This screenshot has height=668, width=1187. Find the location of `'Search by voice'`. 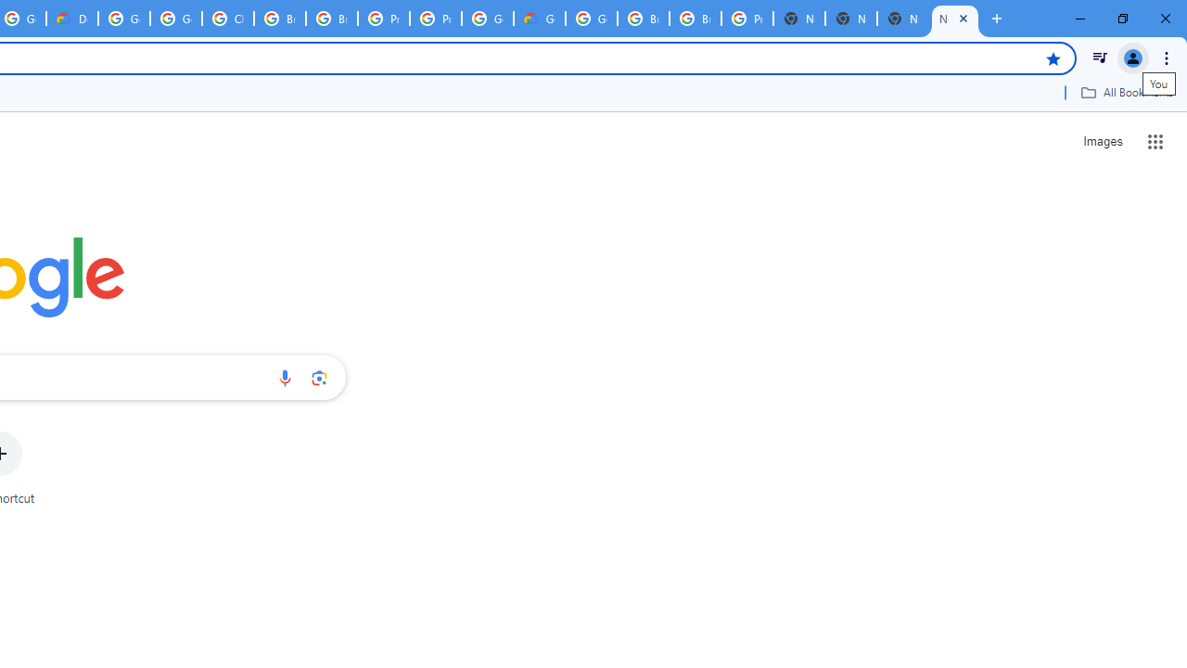

'Search by voice' is located at coordinates (284, 377).